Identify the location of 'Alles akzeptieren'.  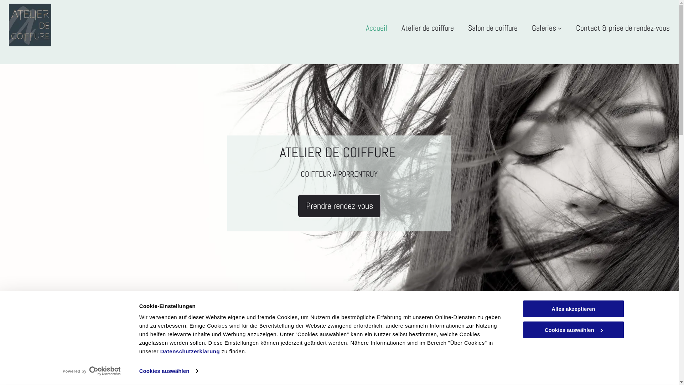
(522, 308).